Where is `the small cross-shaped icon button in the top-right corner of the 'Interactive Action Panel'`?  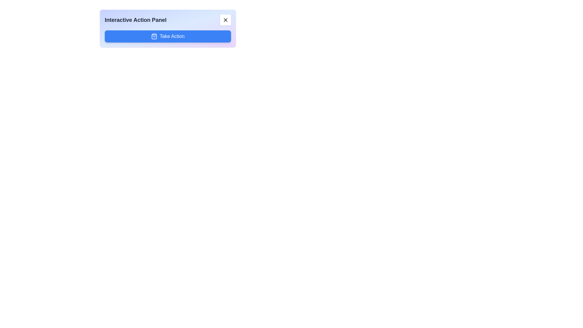 the small cross-shaped icon button in the top-right corner of the 'Interactive Action Panel' is located at coordinates (225, 19).